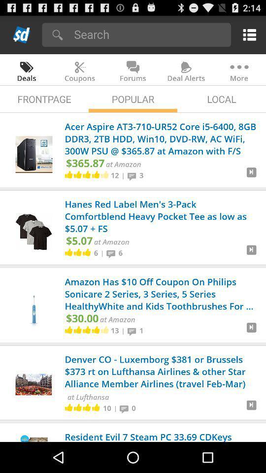  I want to click on type keyword to search, so click(149, 34).